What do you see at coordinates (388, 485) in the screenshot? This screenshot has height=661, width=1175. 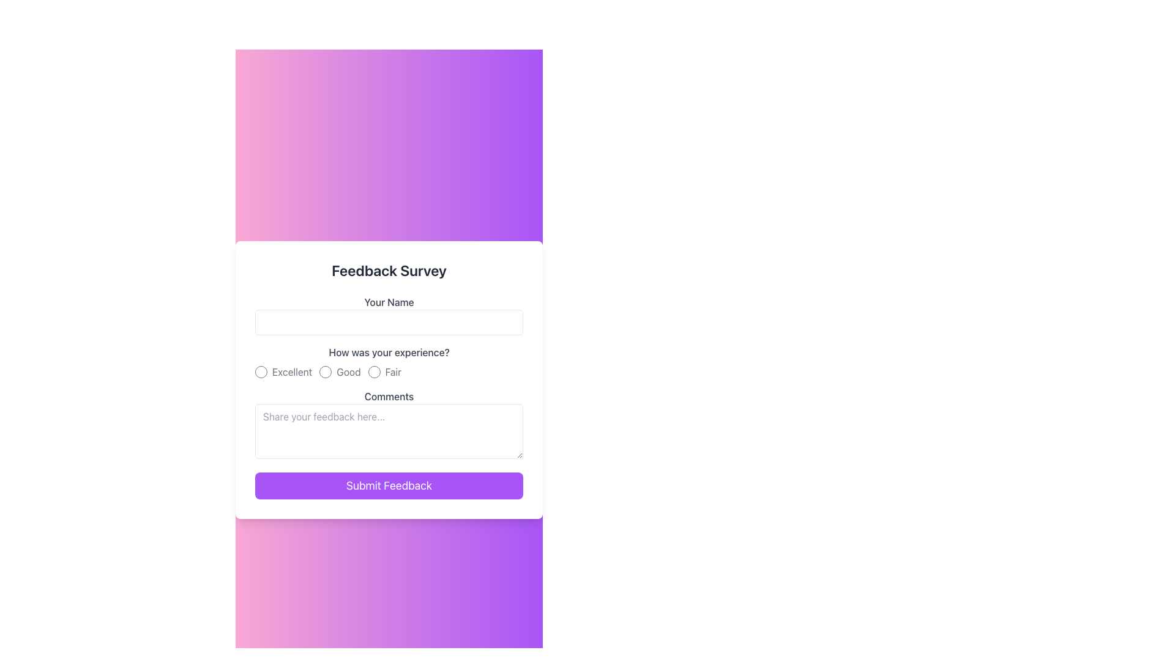 I see `the 'Submit Feedback' button, which is a rectangular button with rounded corners in vivid purple featuring white text` at bounding box center [388, 485].